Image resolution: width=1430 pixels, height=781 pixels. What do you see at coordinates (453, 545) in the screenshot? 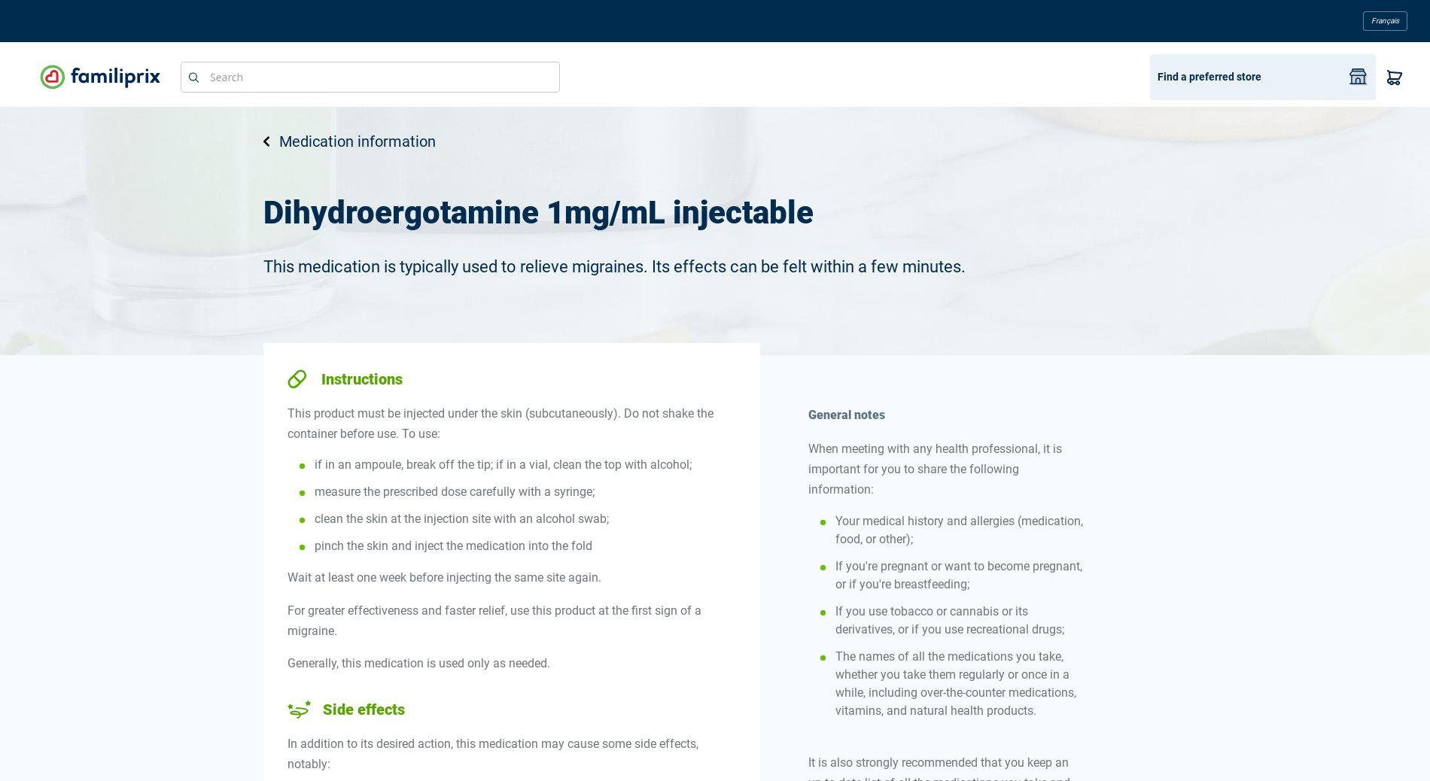
I see `'pinch the skin and inject the medication into the fold'` at bounding box center [453, 545].